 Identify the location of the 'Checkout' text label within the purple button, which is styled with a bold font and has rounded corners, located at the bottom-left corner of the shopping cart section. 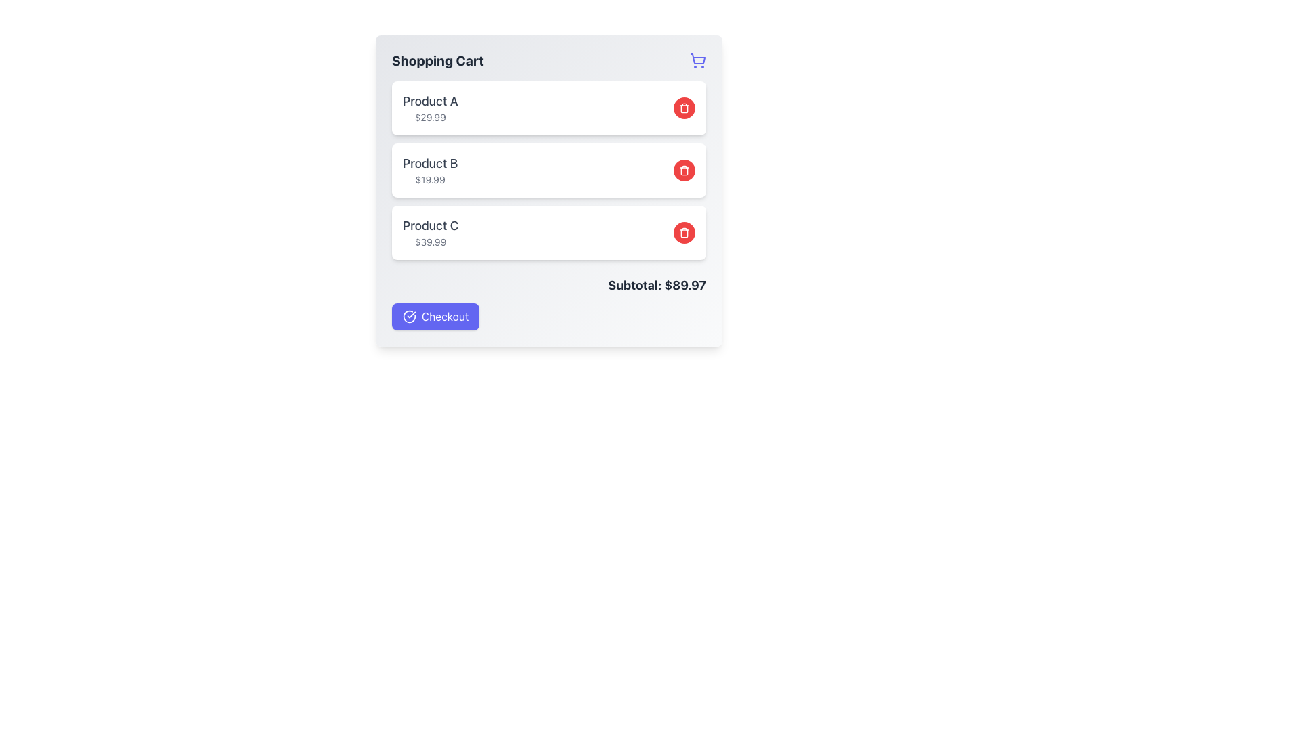
(445, 316).